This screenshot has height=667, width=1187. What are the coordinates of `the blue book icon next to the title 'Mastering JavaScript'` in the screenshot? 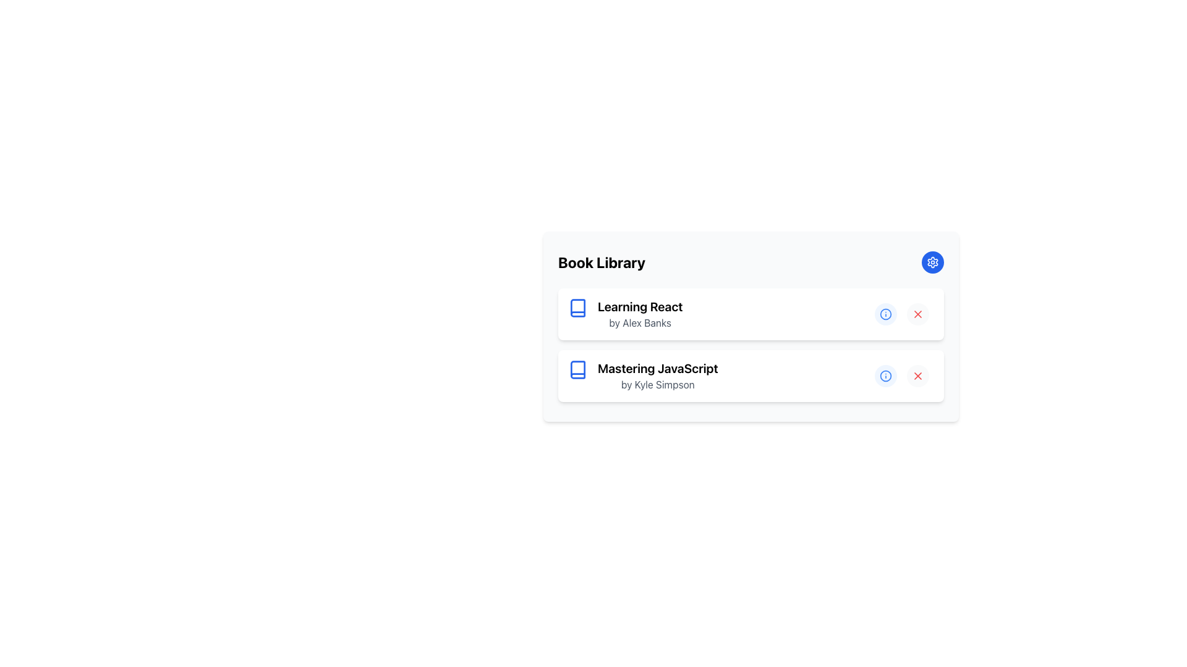 It's located at (577, 369).